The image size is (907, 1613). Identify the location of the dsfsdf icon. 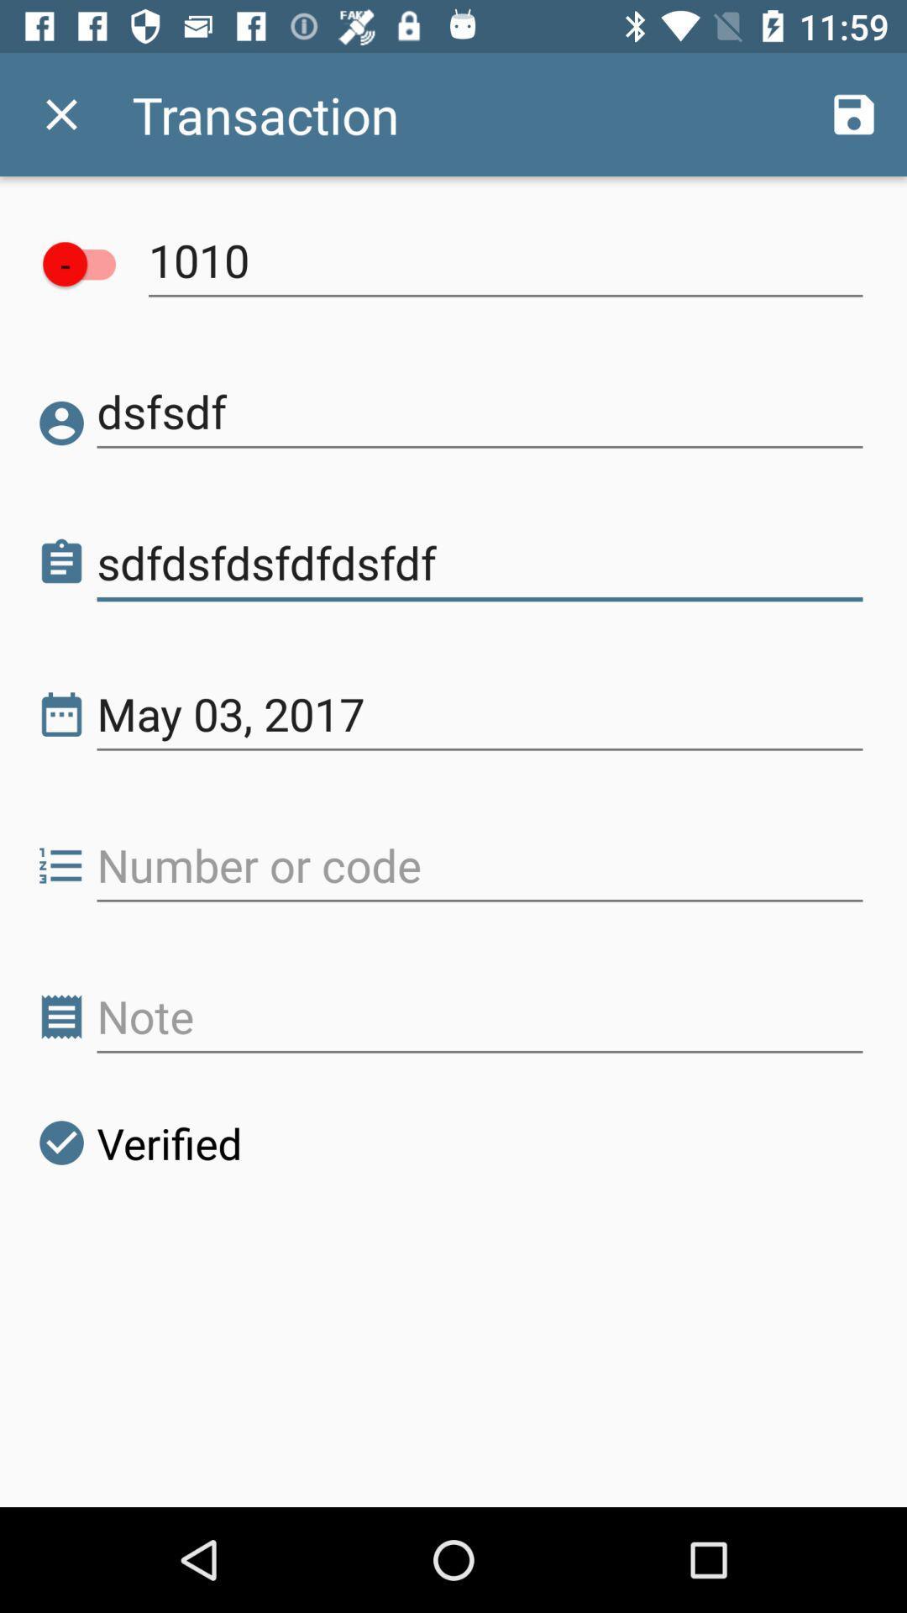
(480, 412).